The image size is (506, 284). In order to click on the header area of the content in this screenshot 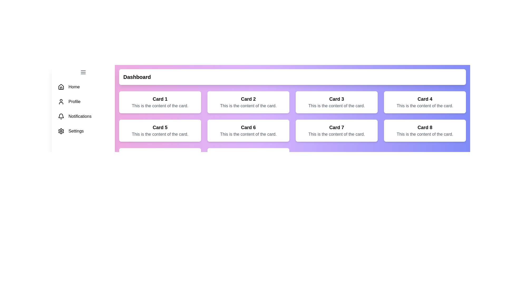, I will do `click(292, 77)`.